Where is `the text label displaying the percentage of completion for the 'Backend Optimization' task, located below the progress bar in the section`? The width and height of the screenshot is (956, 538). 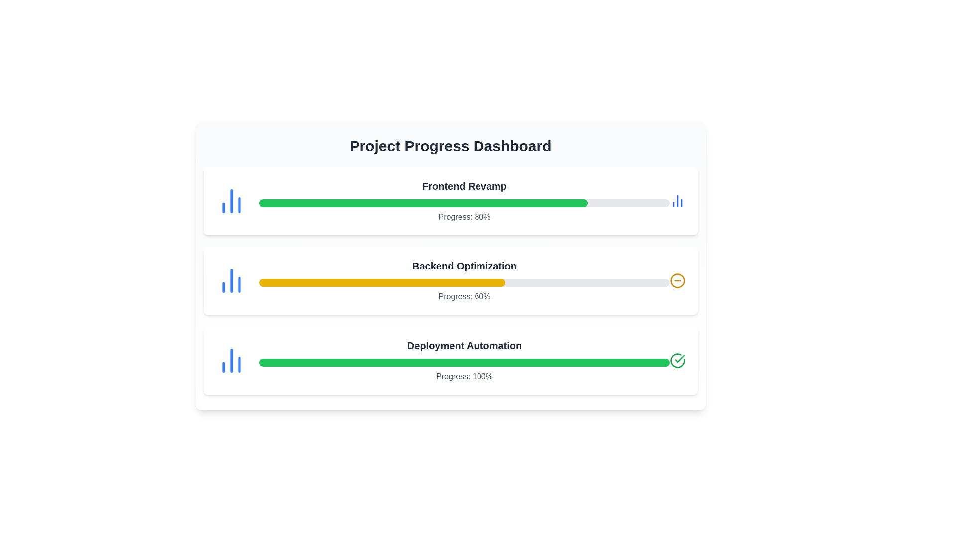 the text label displaying the percentage of completion for the 'Backend Optimization' task, located below the progress bar in the section is located at coordinates (464, 296).